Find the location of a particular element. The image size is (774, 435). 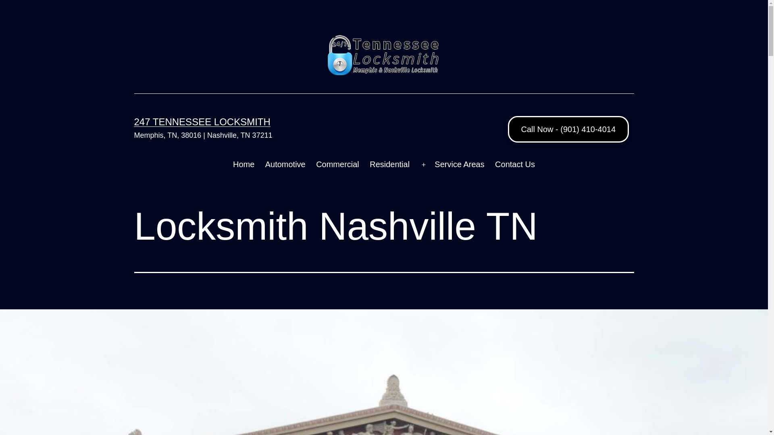

'Residential' is located at coordinates (389, 164).